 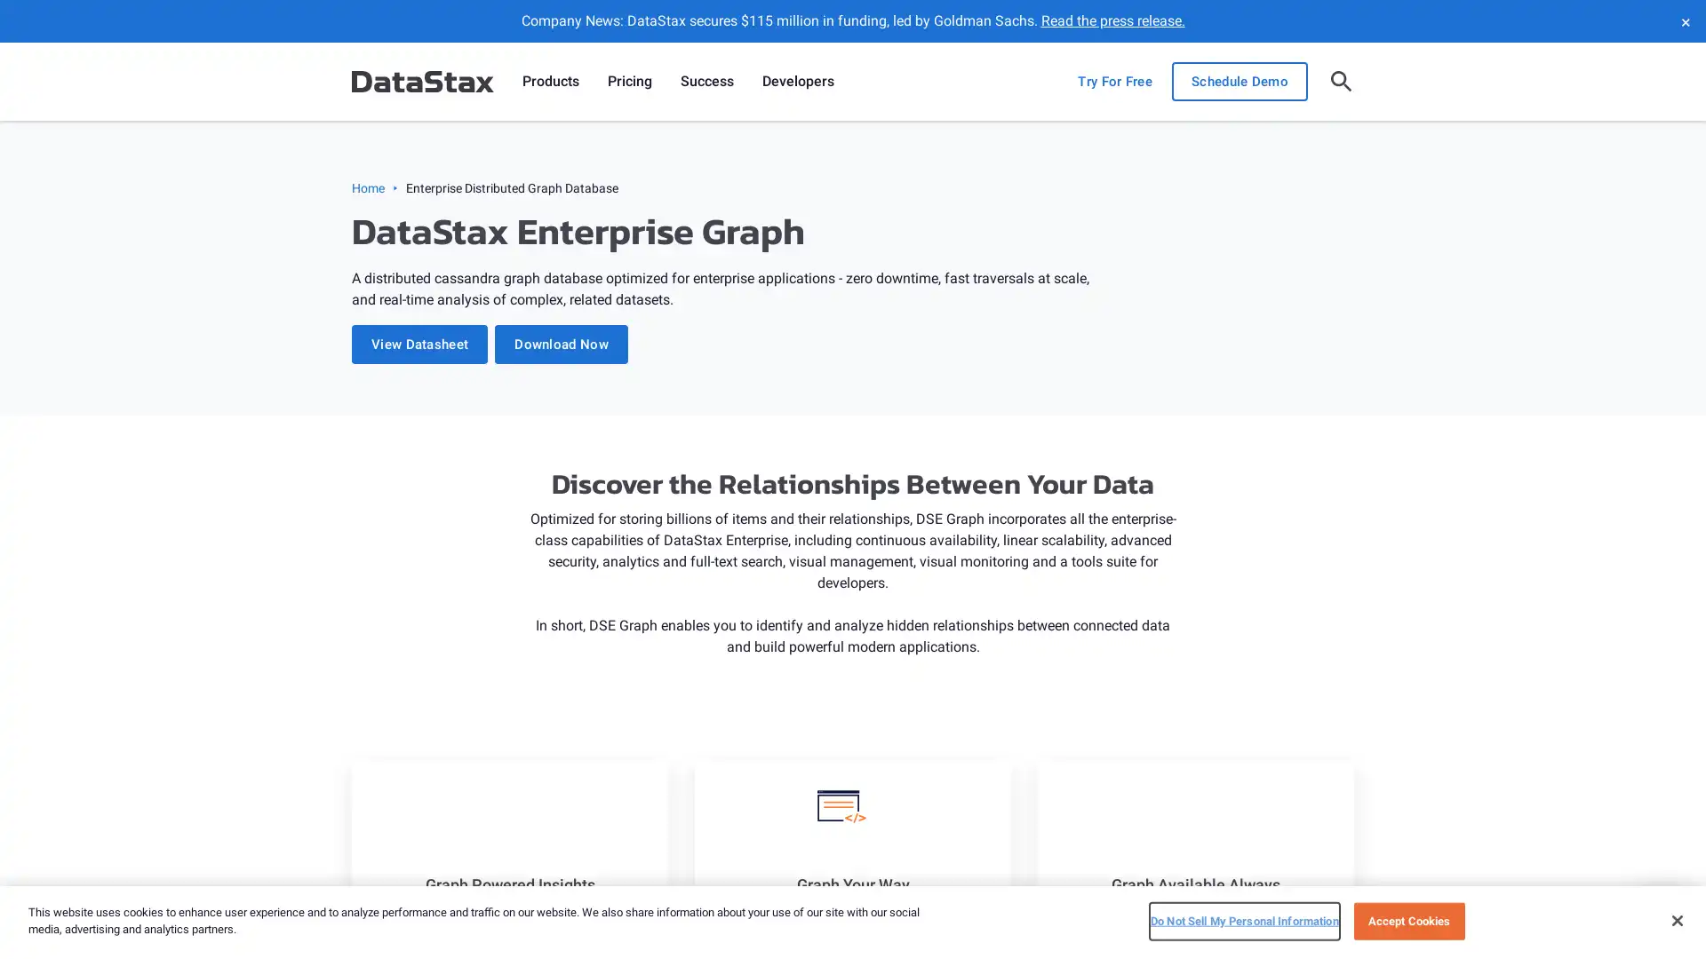 What do you see at coordinates (1684, 20) in the screenshot?
I see `Dismiss` at bounding box center [1684, 20].